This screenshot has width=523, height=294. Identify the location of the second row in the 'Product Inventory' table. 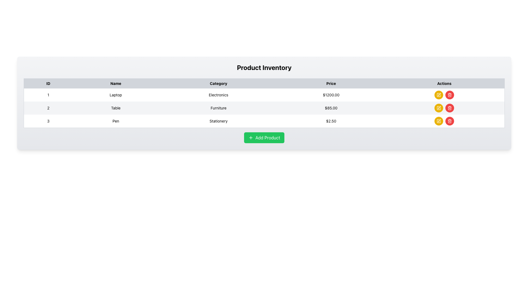
(264, 108).